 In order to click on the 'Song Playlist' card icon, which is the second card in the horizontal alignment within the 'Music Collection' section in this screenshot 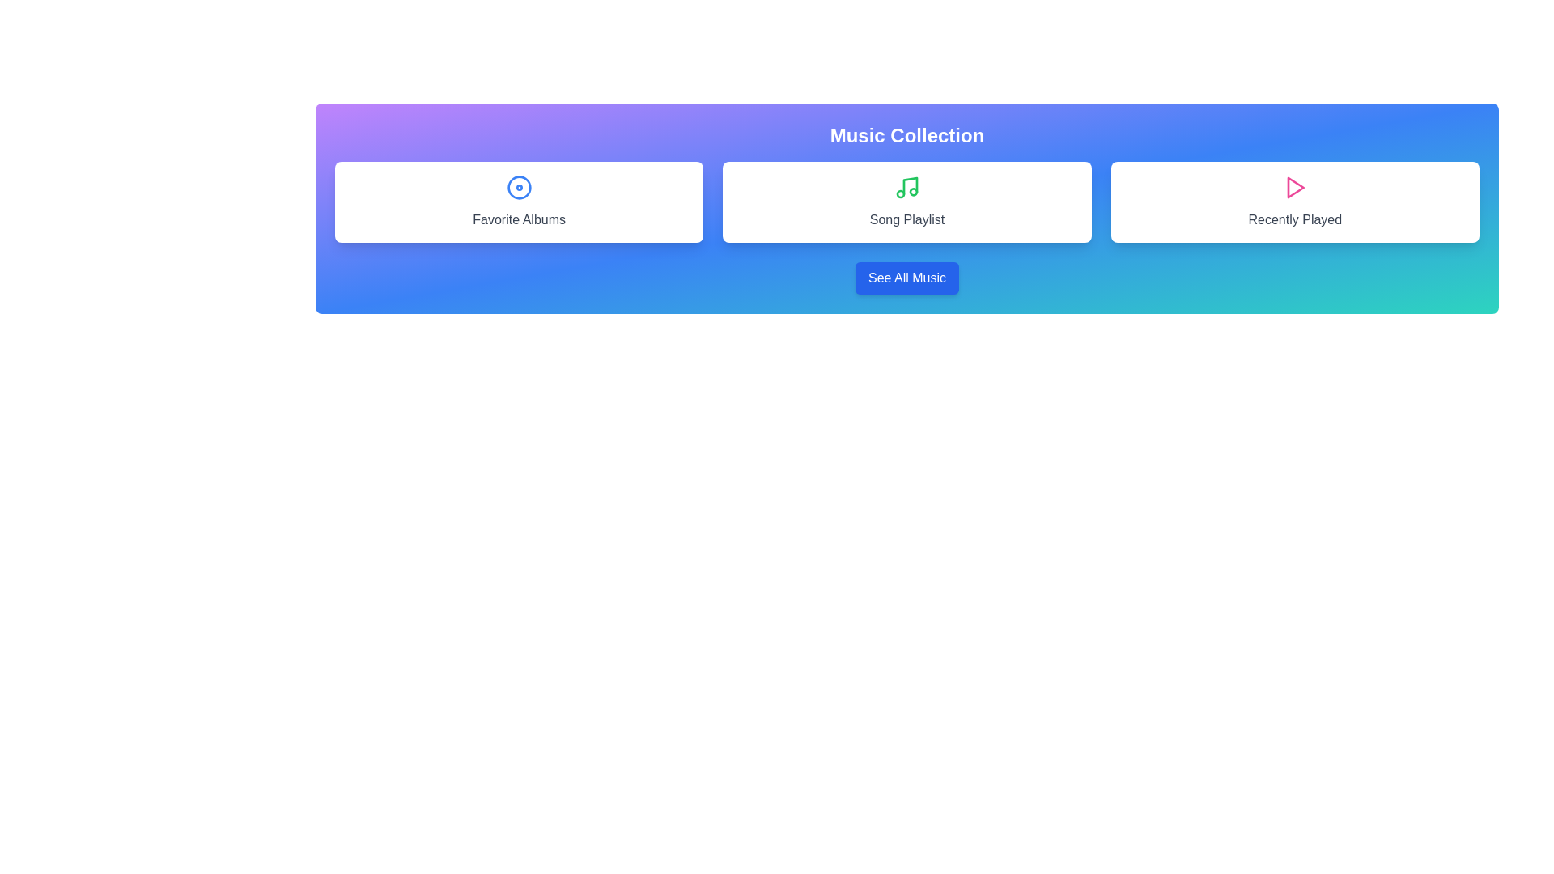, I will do `click(905, 186)`.